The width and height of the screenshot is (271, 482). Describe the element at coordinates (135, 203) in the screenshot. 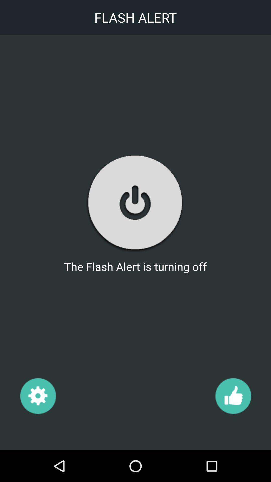

I see `turn it off` at that location.